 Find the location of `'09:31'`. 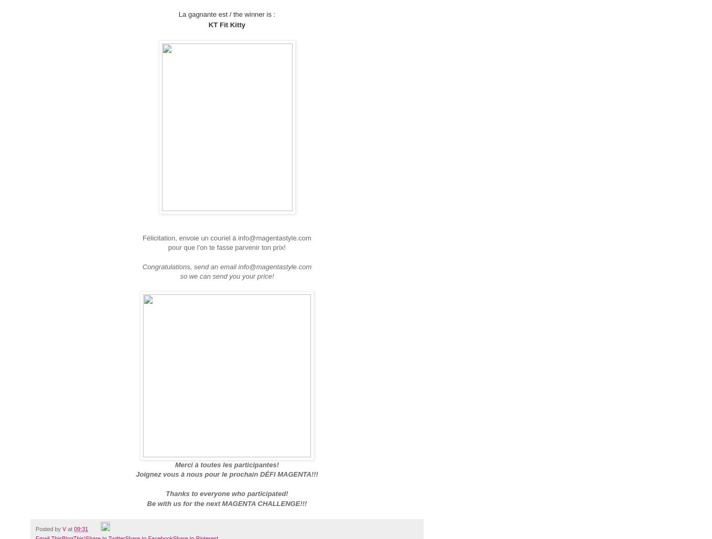

'09:31' is located at coordinates (81, 528).